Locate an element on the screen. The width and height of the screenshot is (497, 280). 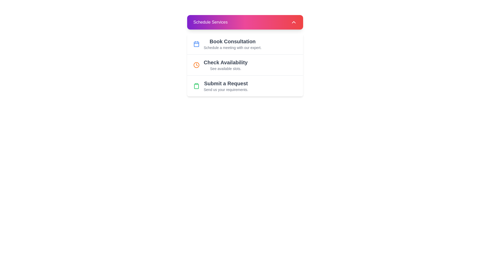
the 'Submit a Request' text label, which is styled in bold gray font on a white background, located within a card layout under the 'Schedule Services' section is located at coordinates (226, 83).